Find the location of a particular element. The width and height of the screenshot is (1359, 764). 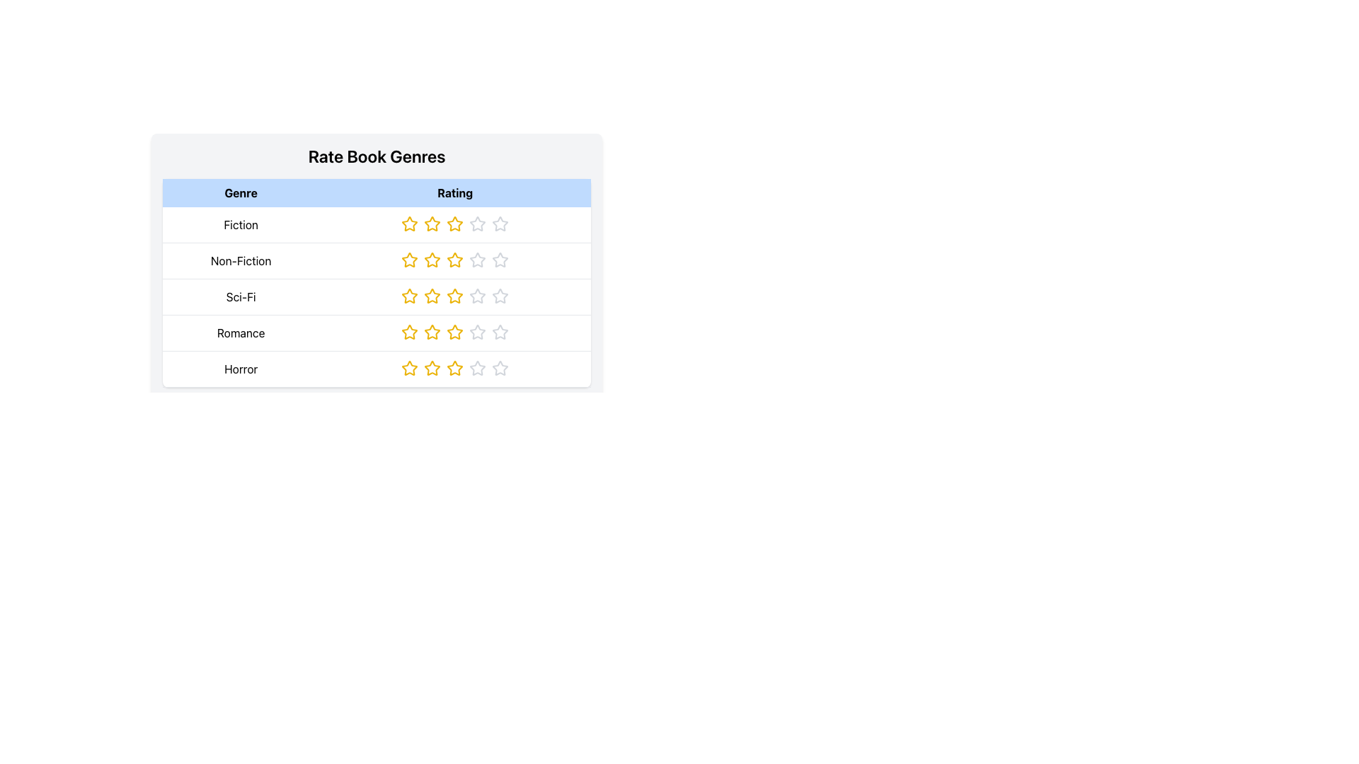

the second yellow star in the horizontal row of rating stars for a drag-and-drop operation is located at coordinates (432, 223).